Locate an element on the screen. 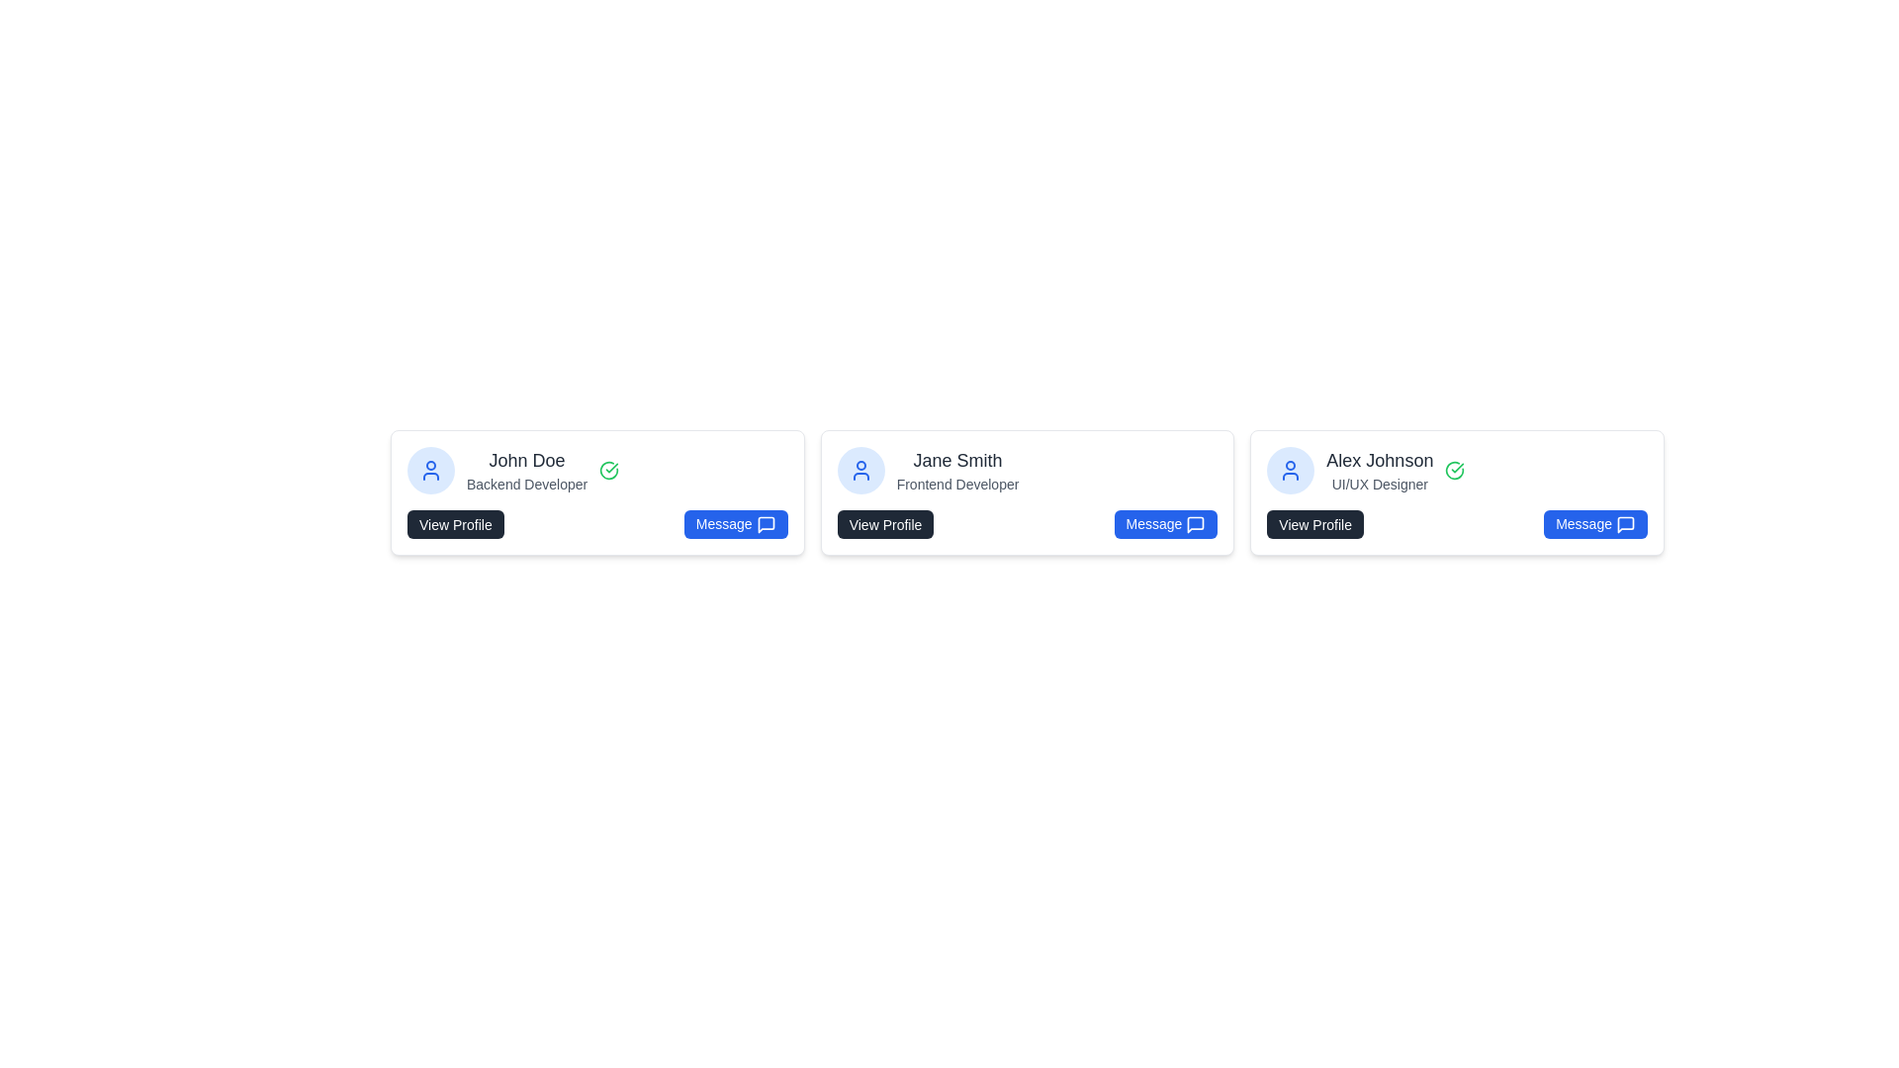  the vibrant blue 'Message' button with white text and a speech bubble icon located to the right of the 'View Profile' button to initiate a message action is located at coordinates (735, 523).